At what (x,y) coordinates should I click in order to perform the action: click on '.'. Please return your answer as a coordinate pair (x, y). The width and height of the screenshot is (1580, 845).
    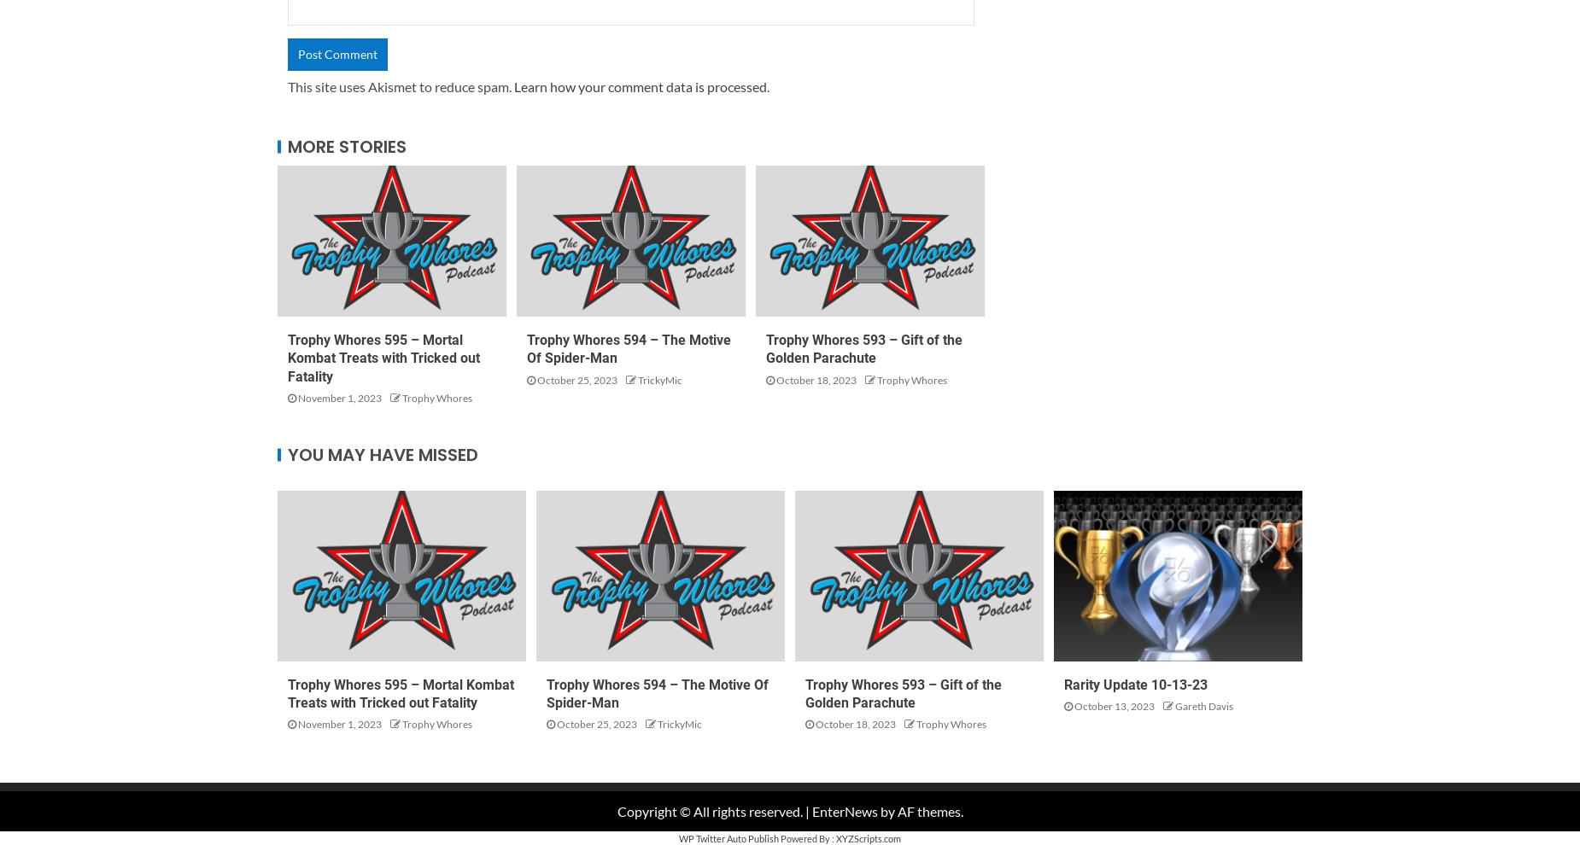
    Looking at the image, I should click on (768, 84).